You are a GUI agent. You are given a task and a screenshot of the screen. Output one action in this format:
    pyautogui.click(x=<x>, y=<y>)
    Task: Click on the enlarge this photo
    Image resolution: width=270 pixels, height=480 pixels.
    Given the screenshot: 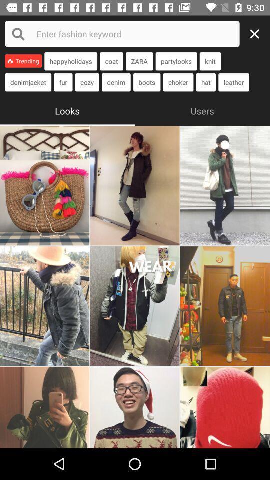 What is the action you would take?
    pyautogui.click(x=44, y=407)
    